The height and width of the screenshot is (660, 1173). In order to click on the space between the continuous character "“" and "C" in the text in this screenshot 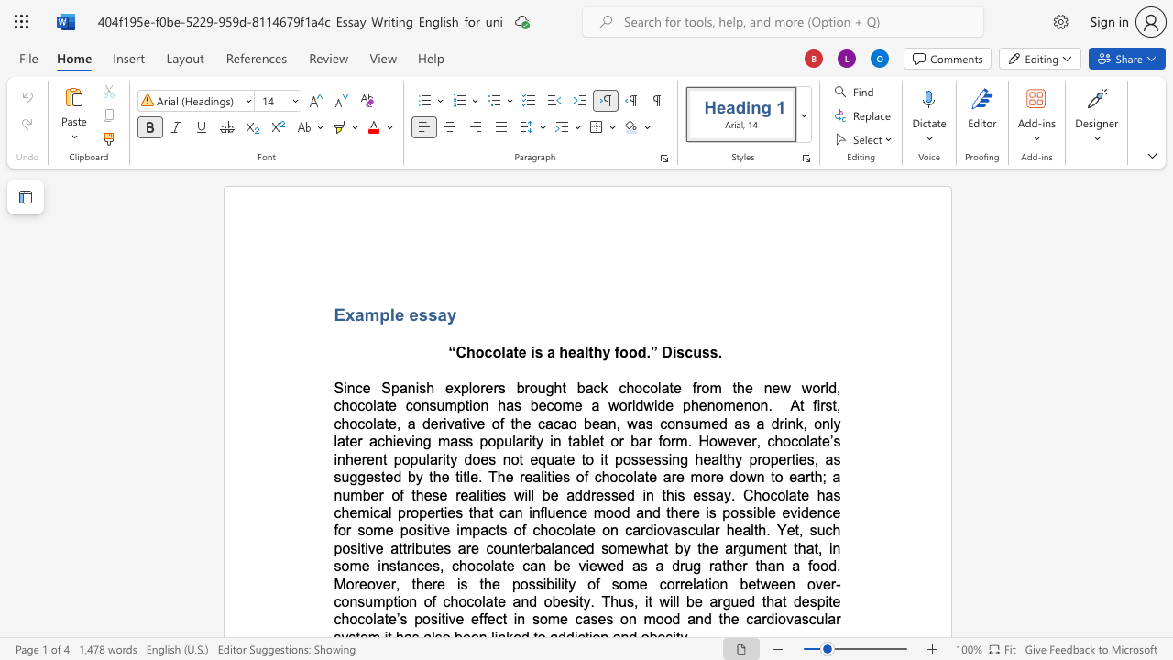, I will do `click(456, 352)`.